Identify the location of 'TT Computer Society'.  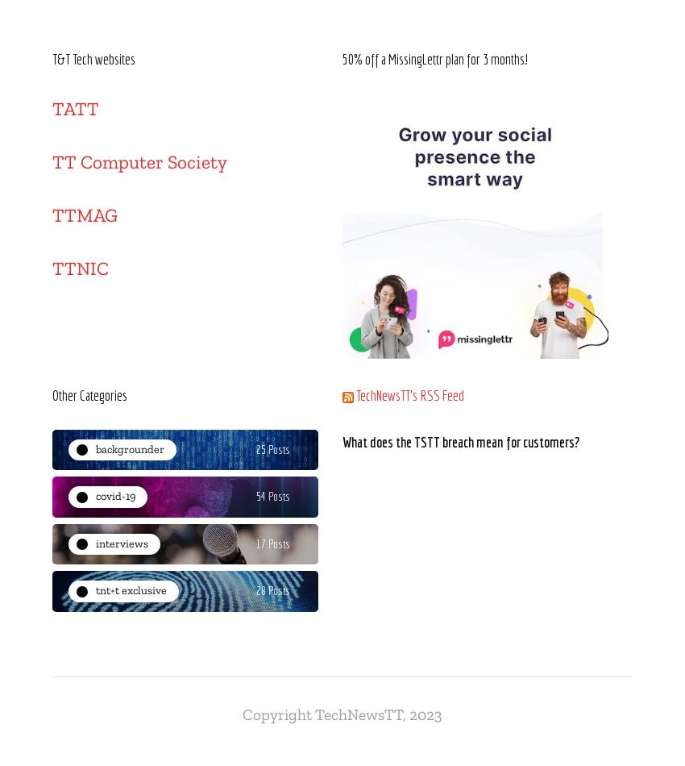
(139, 162).